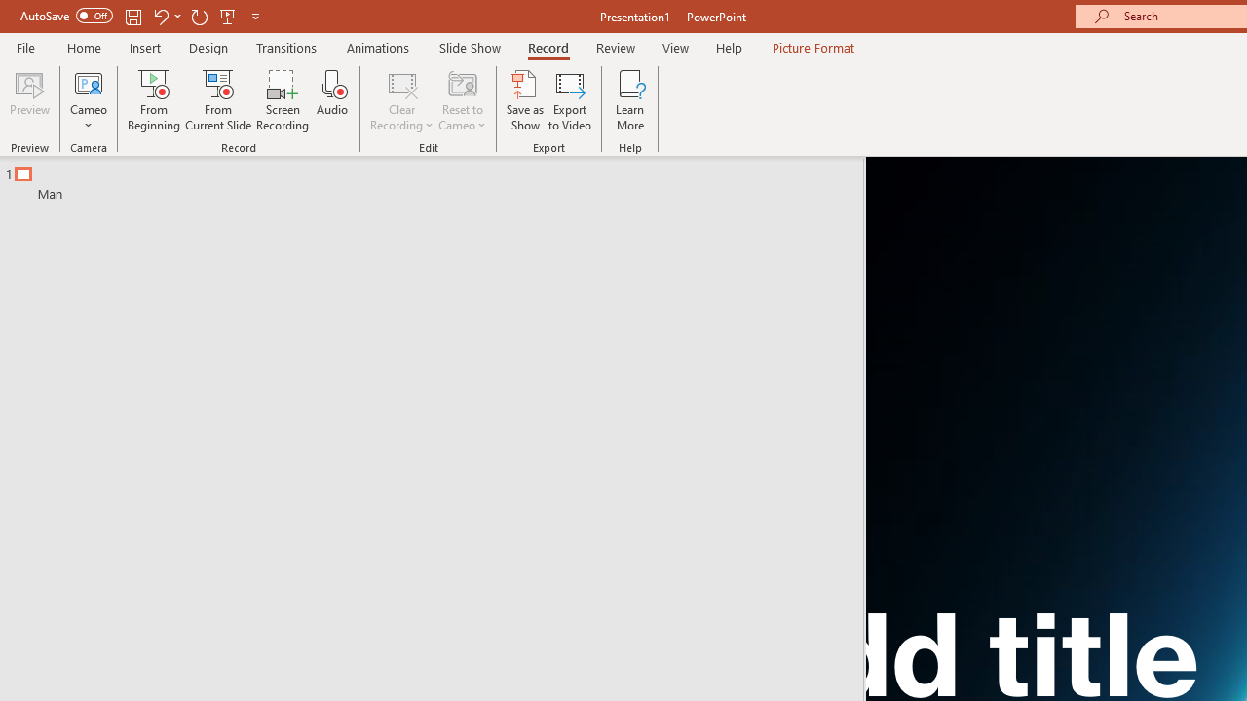 This screenshot has width=1247, height=701. I want to click on 'File Tab', so click(25, 46).